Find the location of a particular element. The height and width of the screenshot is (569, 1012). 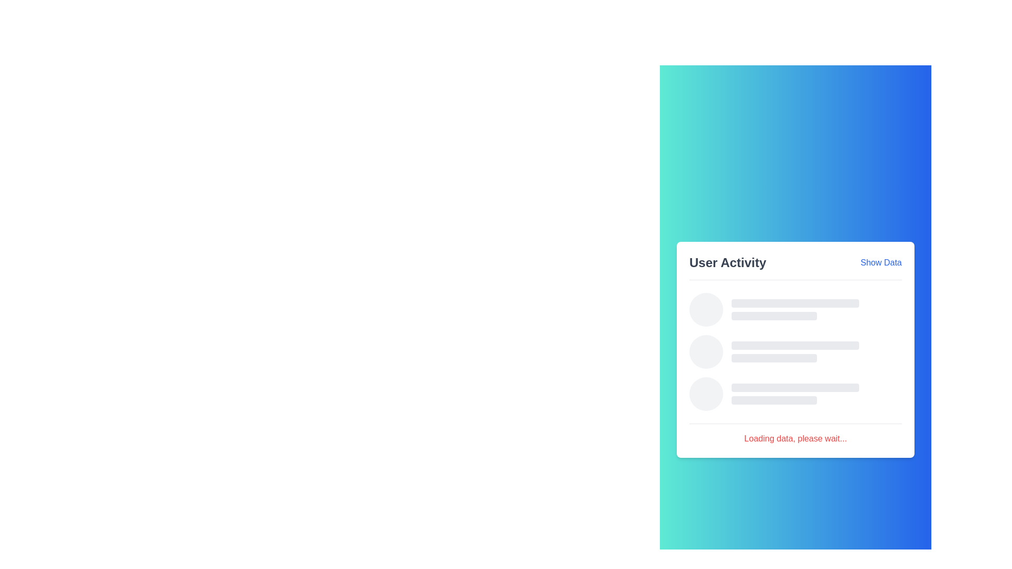

the placeholder or avatar circle located at the top-left corner of the User Activity panel, which represents a user's image or default profile picture is located at coordinates (706, 309).